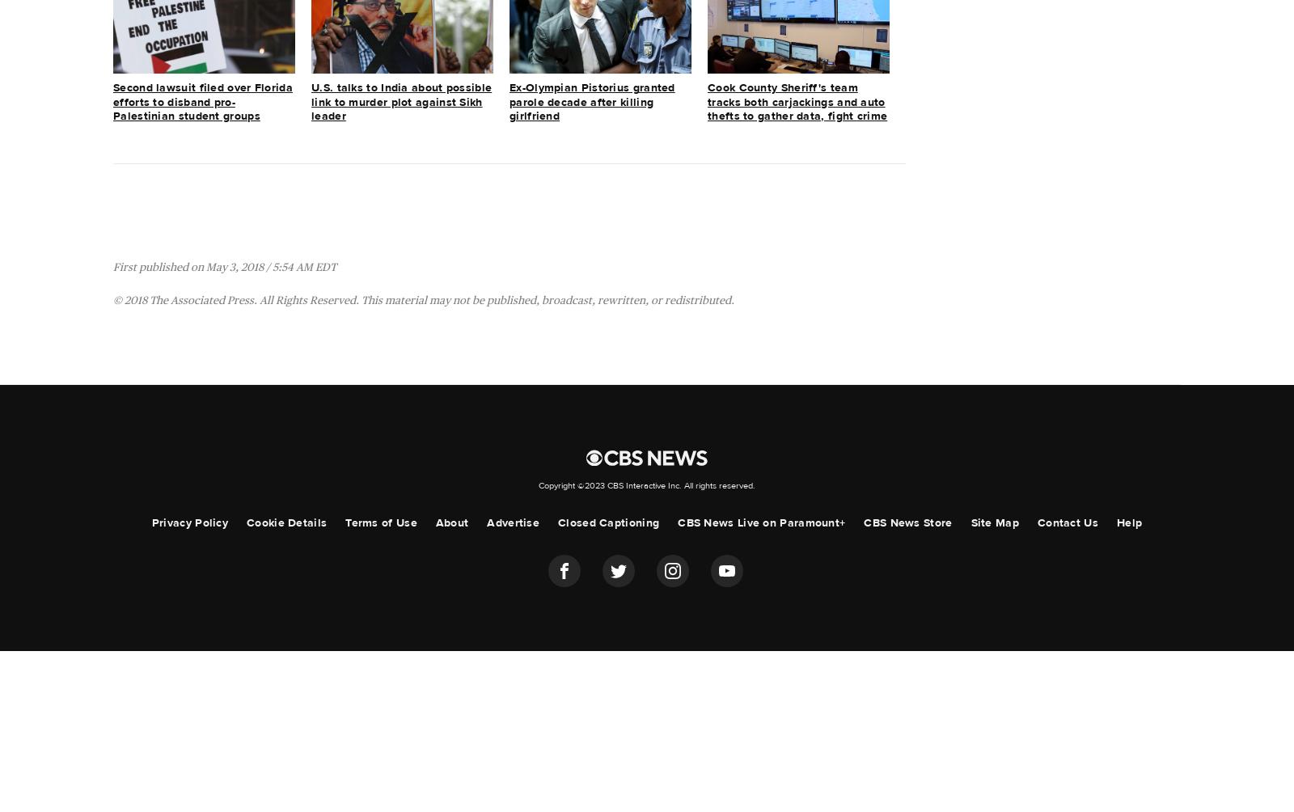 The height and width of the screenshot is (812, 1294). Describe the element at coordinates (970, 521) in the screenshot. I see `'Site Map'` at that location.